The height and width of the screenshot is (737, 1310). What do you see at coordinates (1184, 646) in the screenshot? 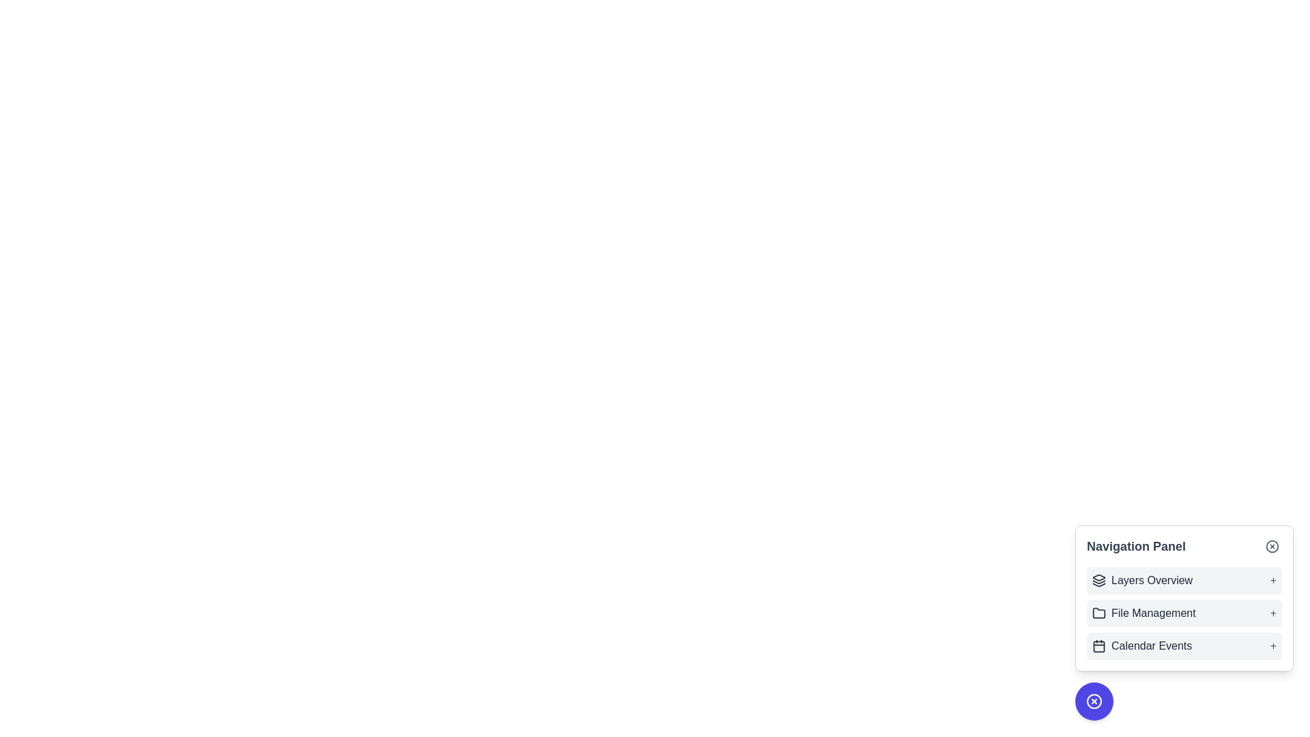
I see `the List item containing the calendar icon and the text 'Calendar Events'` at bounding box center [1184, 646].